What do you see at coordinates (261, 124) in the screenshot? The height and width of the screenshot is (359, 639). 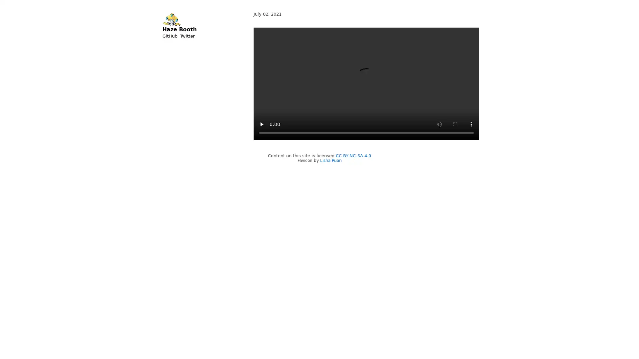 I see `play` at bounding box center [261, 124].